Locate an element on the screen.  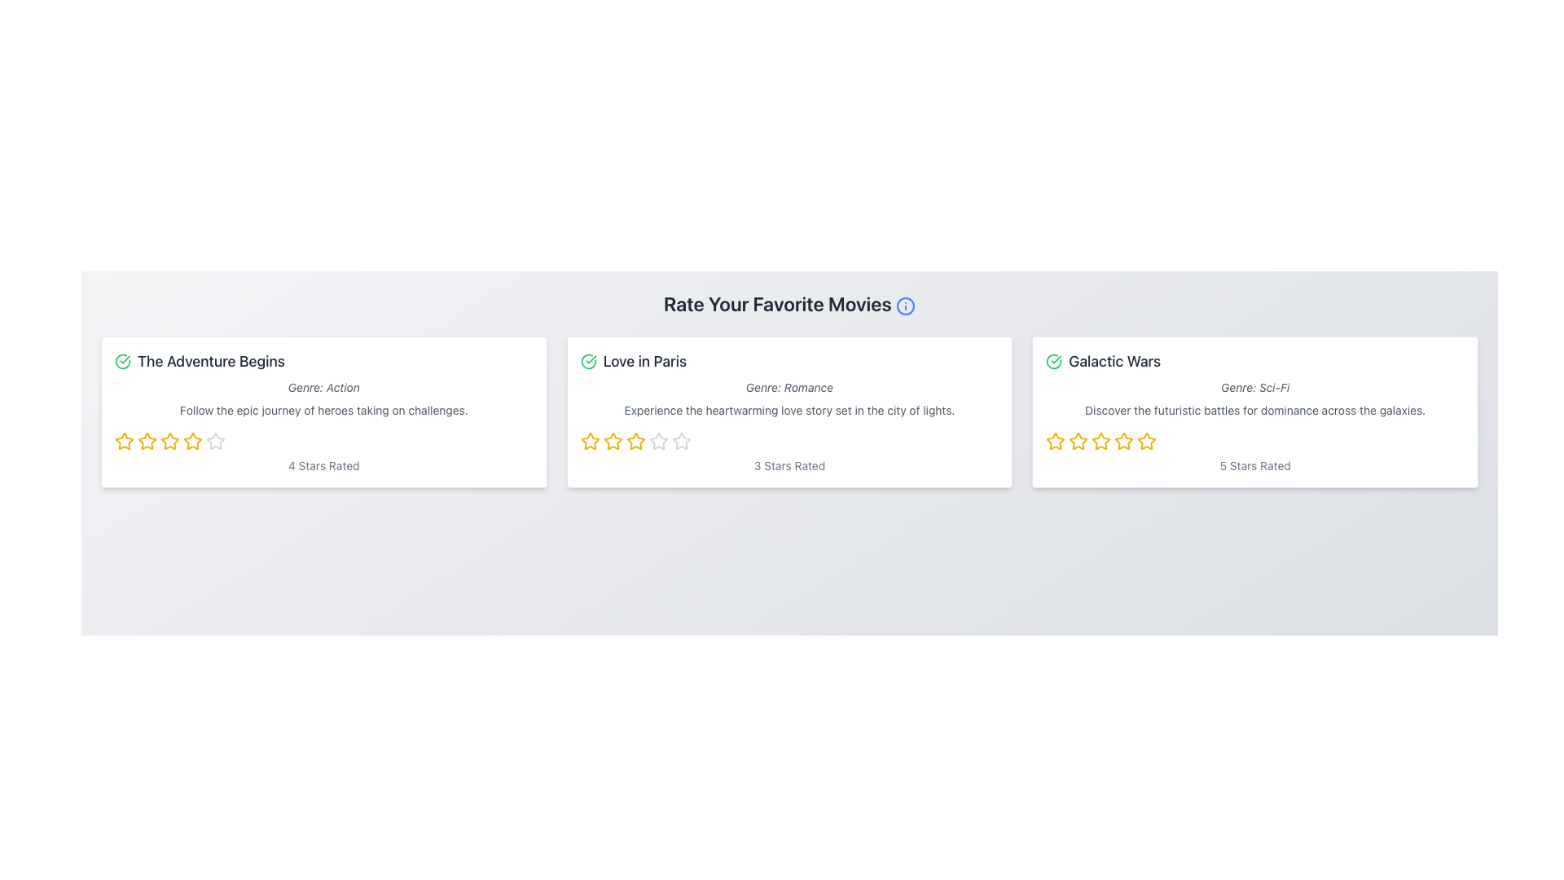
the bold header 'Galactic Wars' located at the top of the rightmost card in a set of three cards, aligned with a green checkmark icon to its left is located at coordinates (1114, 360).